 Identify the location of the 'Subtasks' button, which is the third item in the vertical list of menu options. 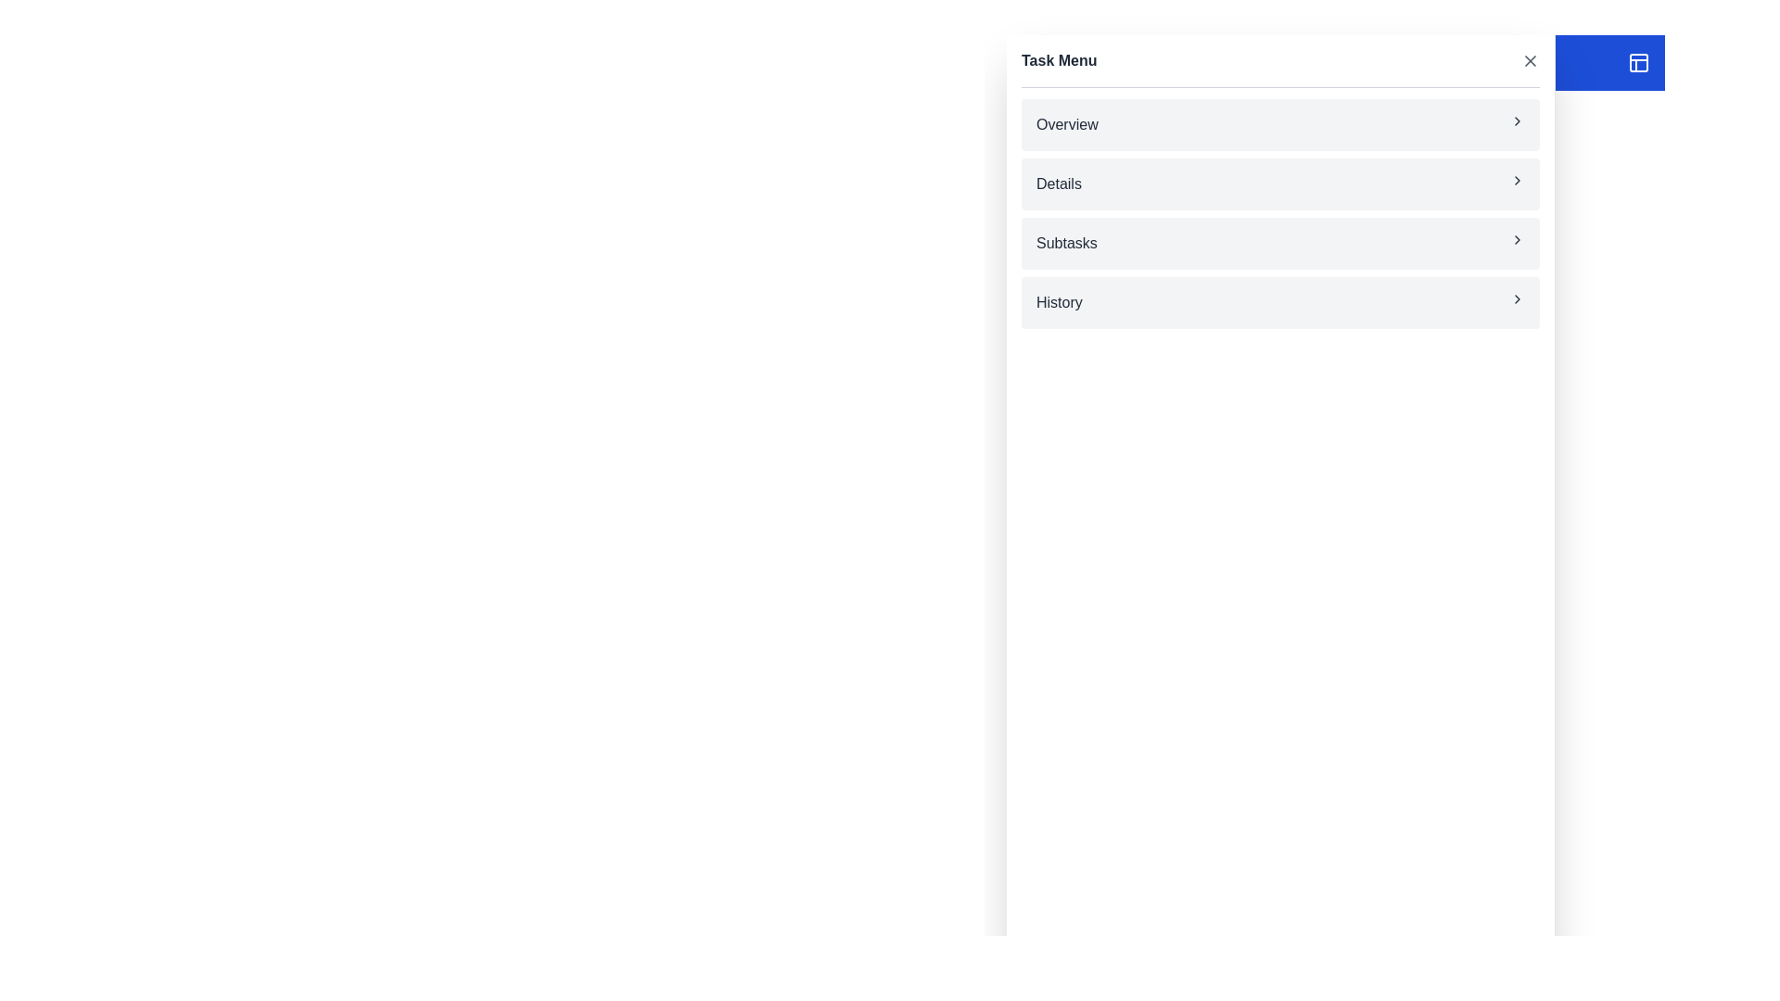
(1279, 242).